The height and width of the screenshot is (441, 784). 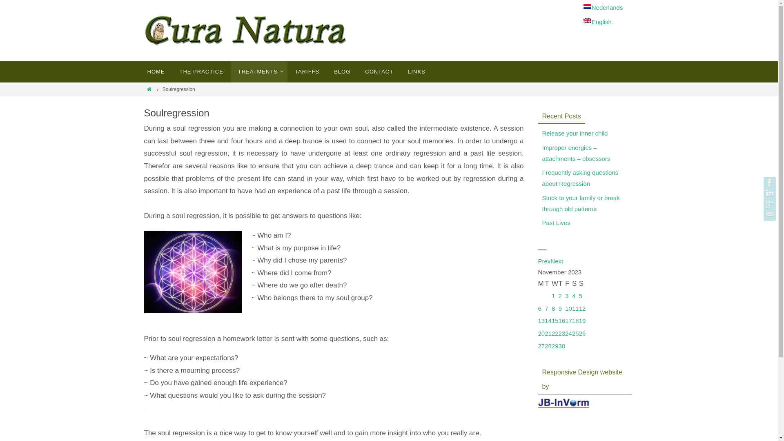 I want to click on '21', so click(x=548, y=334).